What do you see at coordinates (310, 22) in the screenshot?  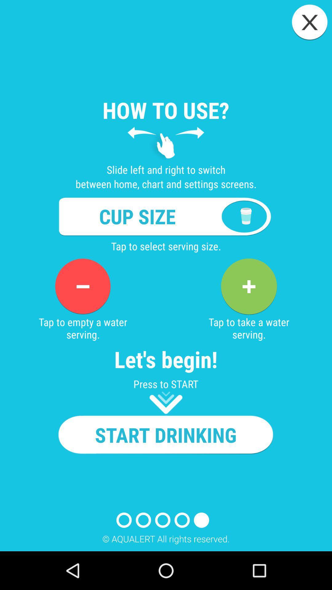 I see `the close icon` at bounding box center [310, 22].